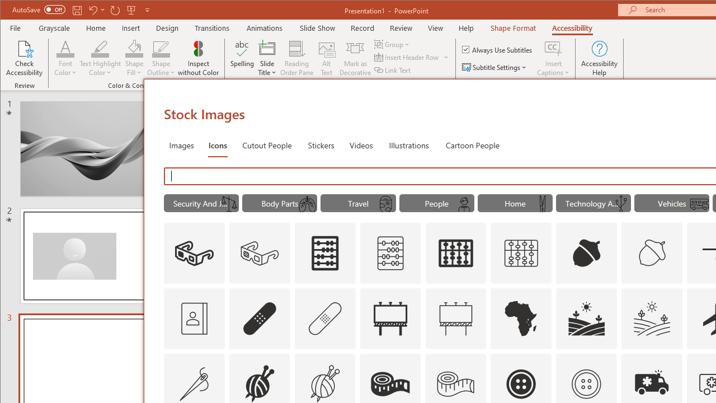 The height and width of the screenshot is (403, 716). I want to click on 'AutomationID: Icons_Acorn_M', so click(652, 253).